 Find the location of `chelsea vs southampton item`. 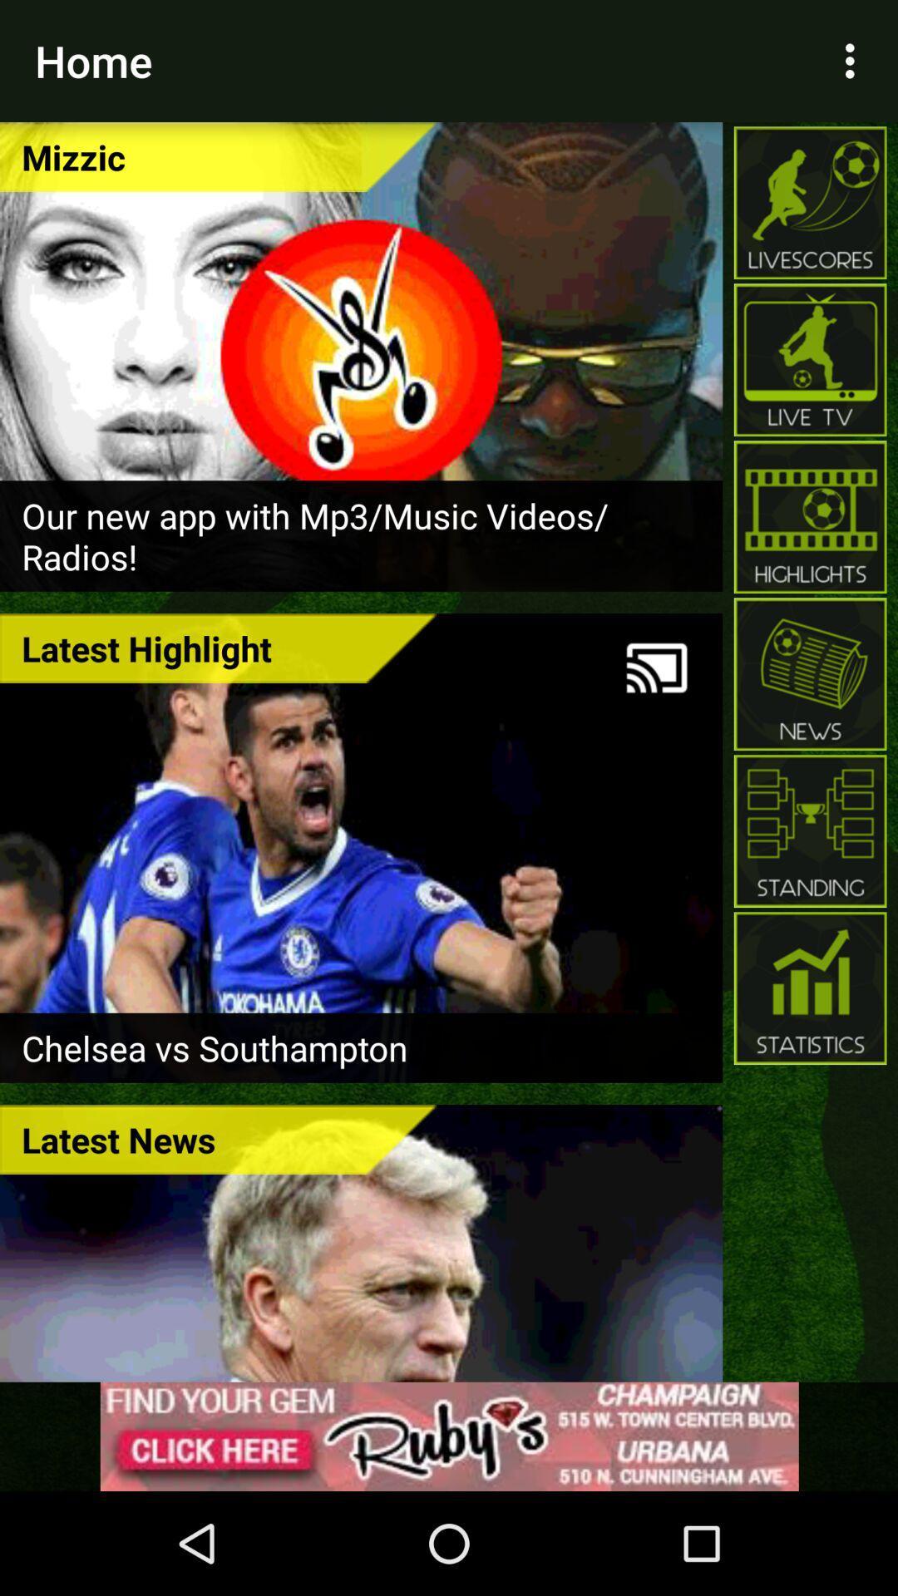

chelsea vs southampton item is located at coordinates (360, 1047).